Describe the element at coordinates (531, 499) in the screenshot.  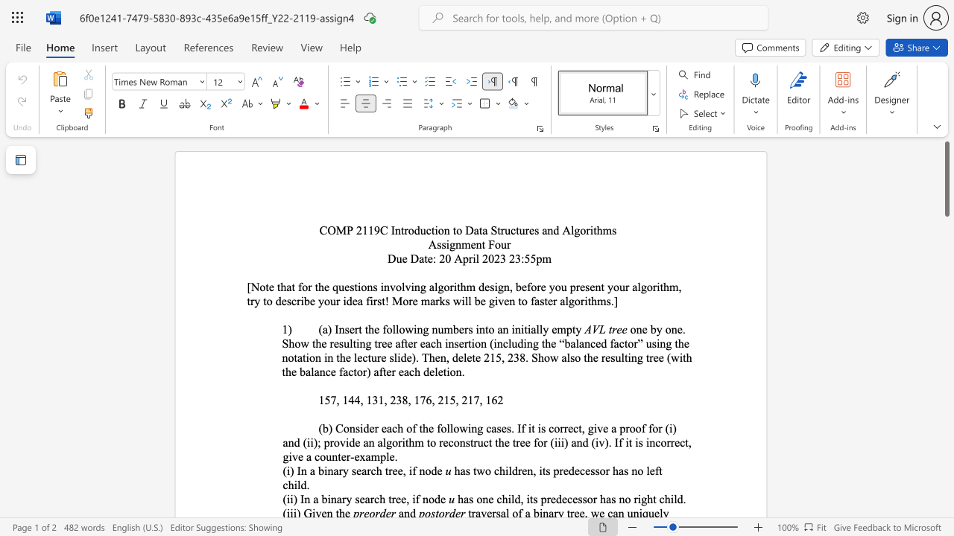
I see `the 1th character "t" in the text` at that location.